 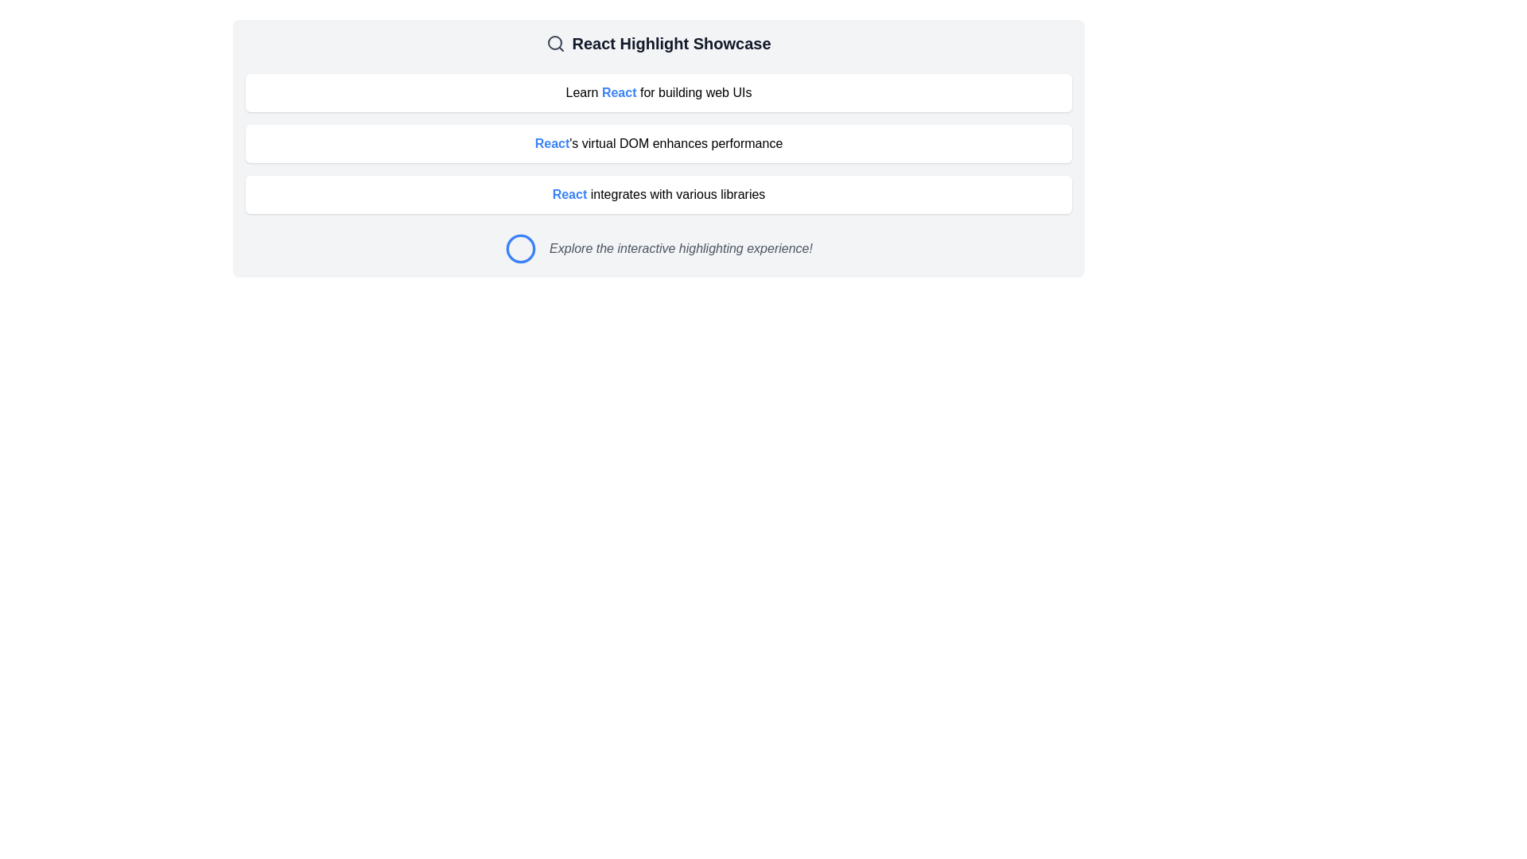 I want to click on the bold blue text link 'React' at the beginning of the string 'React integrates with various libraries', so click(x=569, y=193).